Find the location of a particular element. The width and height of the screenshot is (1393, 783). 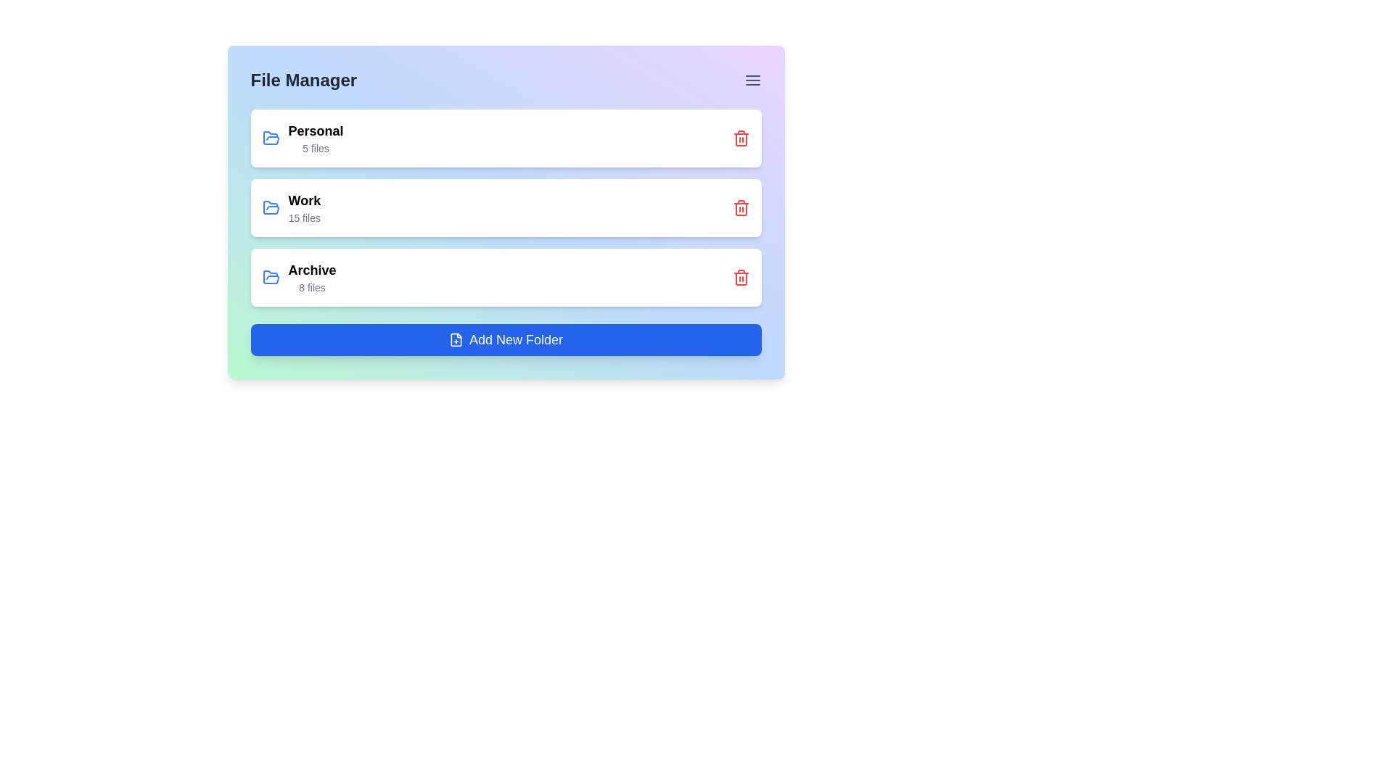

the delete icon for the folder named Work is located at coordinates (741, 207).